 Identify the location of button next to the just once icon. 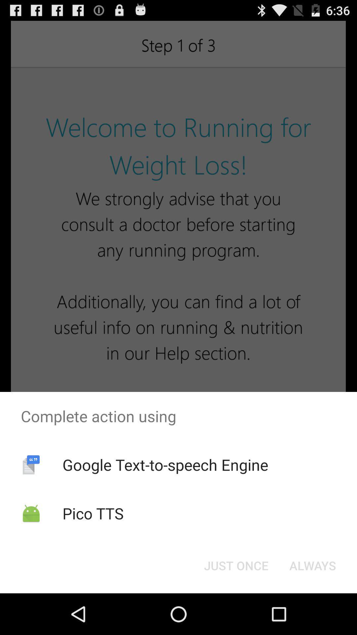
(312, 565).